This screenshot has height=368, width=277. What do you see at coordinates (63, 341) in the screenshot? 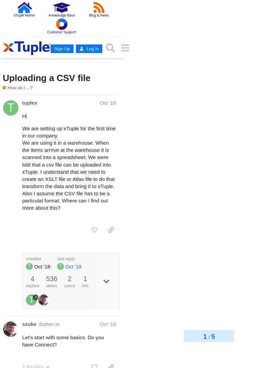
I see `'Let’s start with some basics. Do you have Connect?'` at bounding box center [63, 341].